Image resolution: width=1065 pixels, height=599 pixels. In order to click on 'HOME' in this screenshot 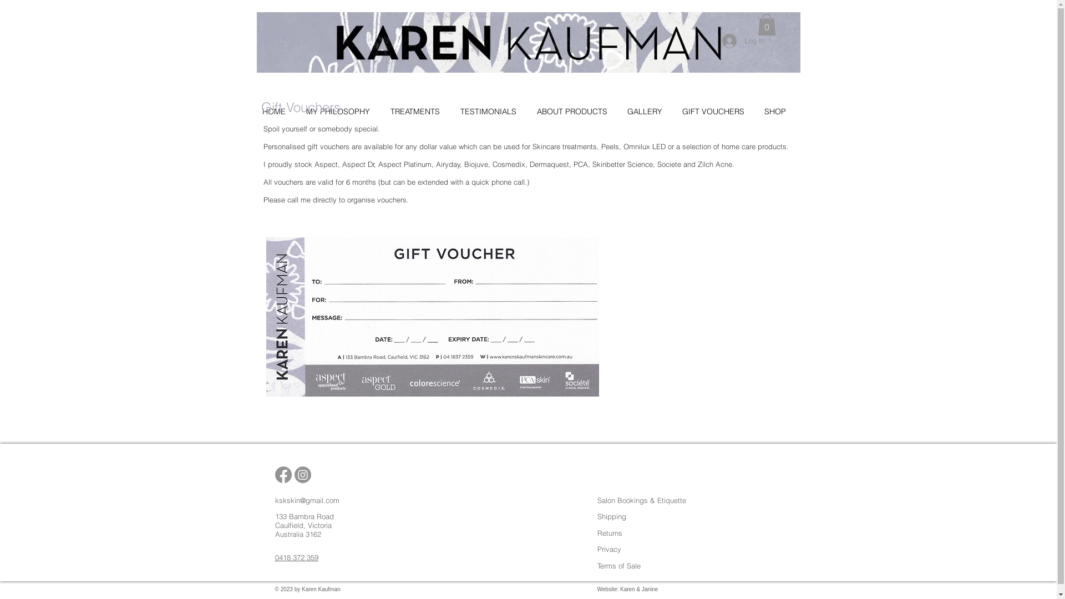, I will do `click(278, 111)`.